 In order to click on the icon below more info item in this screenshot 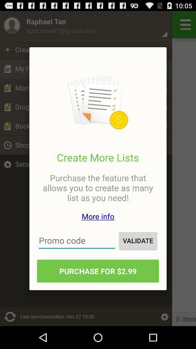, I will do `click(138, 240)`.